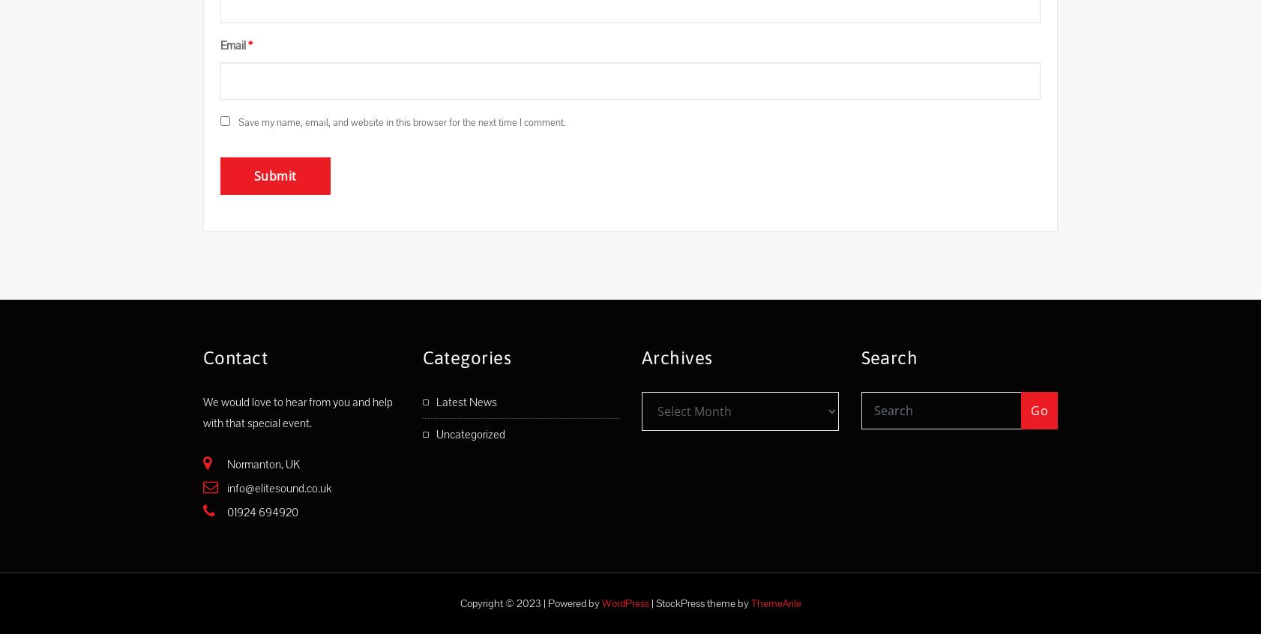 This screenshot has width=1261, height=634. I want to click on 'Search', so click(888, 356).